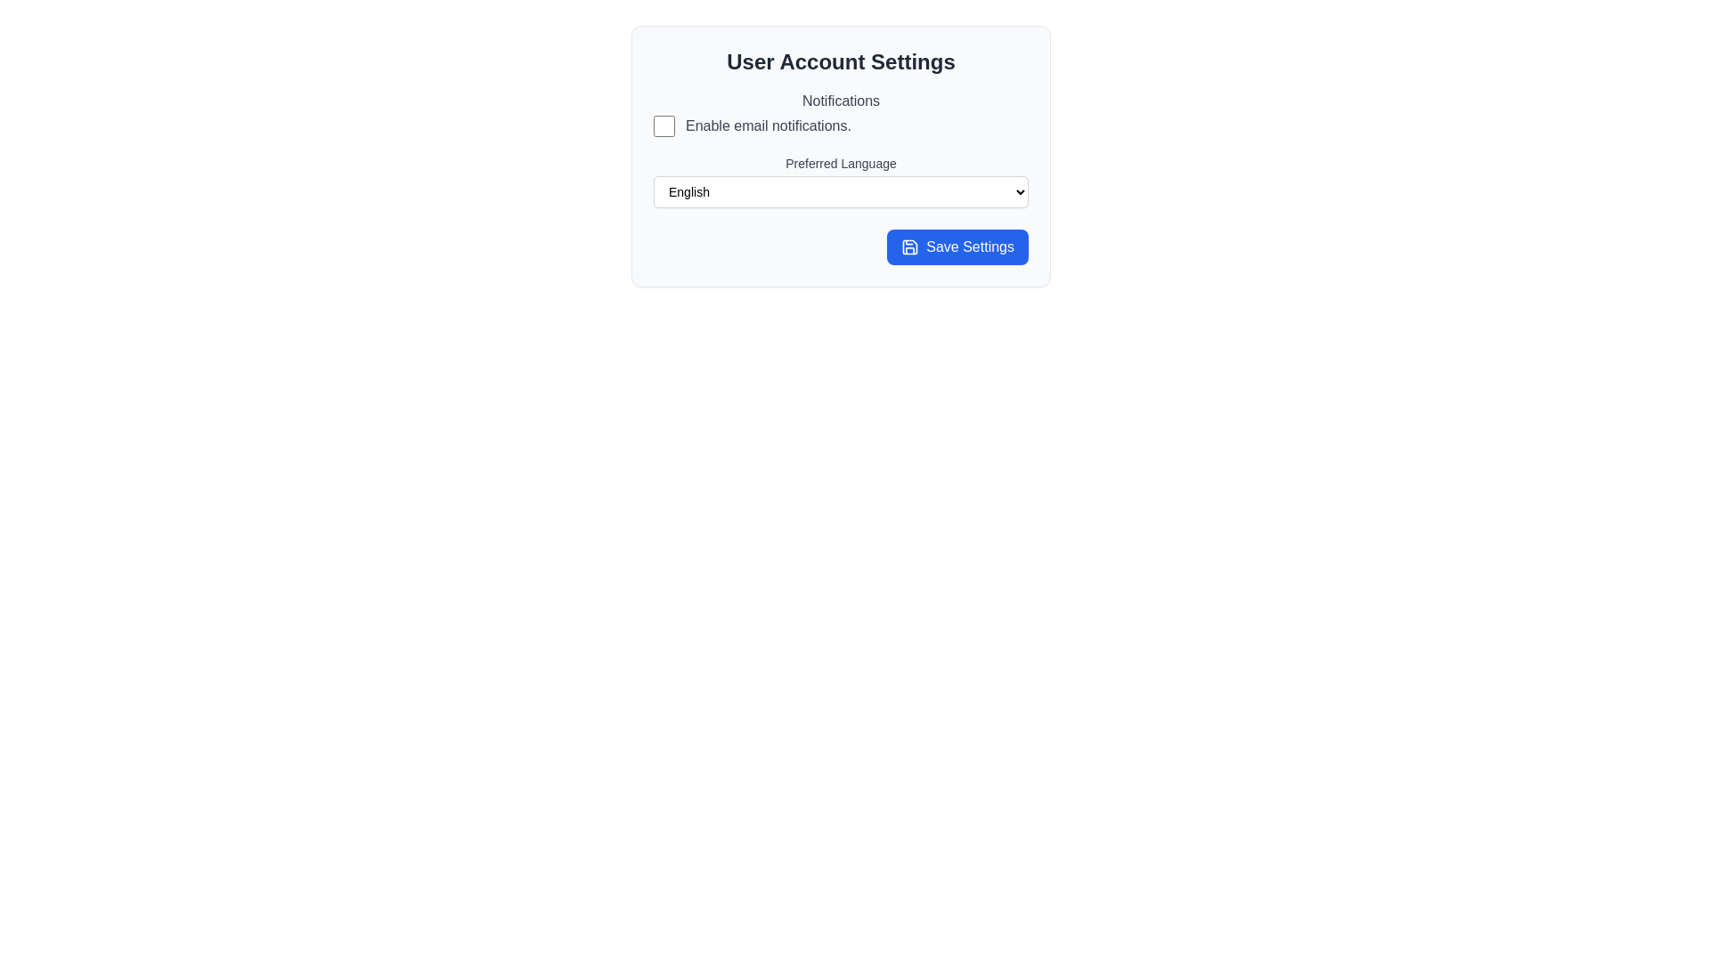  I want to click on the Dropdown menu located beneath the 'Preferred Language' title, so click(840, 192).